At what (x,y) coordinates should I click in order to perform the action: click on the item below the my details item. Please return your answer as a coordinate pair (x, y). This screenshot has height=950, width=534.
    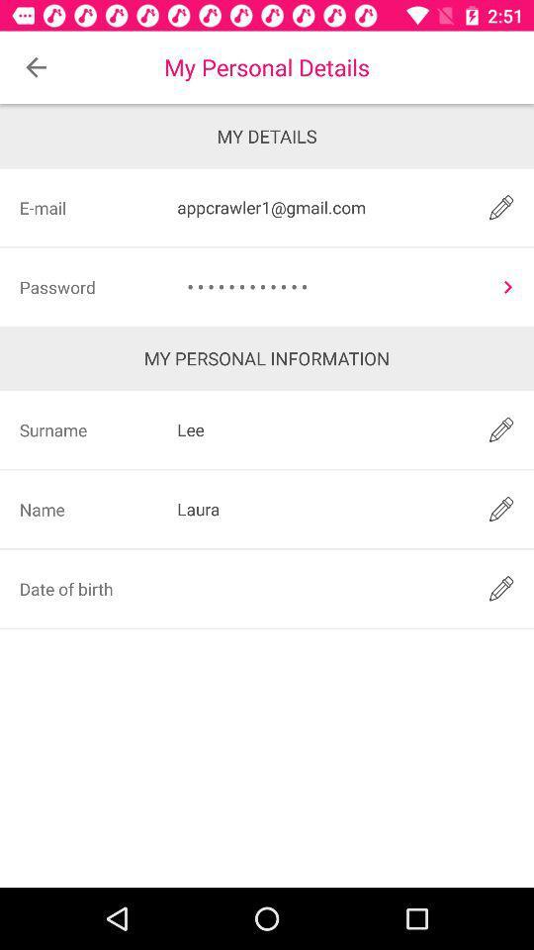
    Looking at the image, I should click on (319, 207).